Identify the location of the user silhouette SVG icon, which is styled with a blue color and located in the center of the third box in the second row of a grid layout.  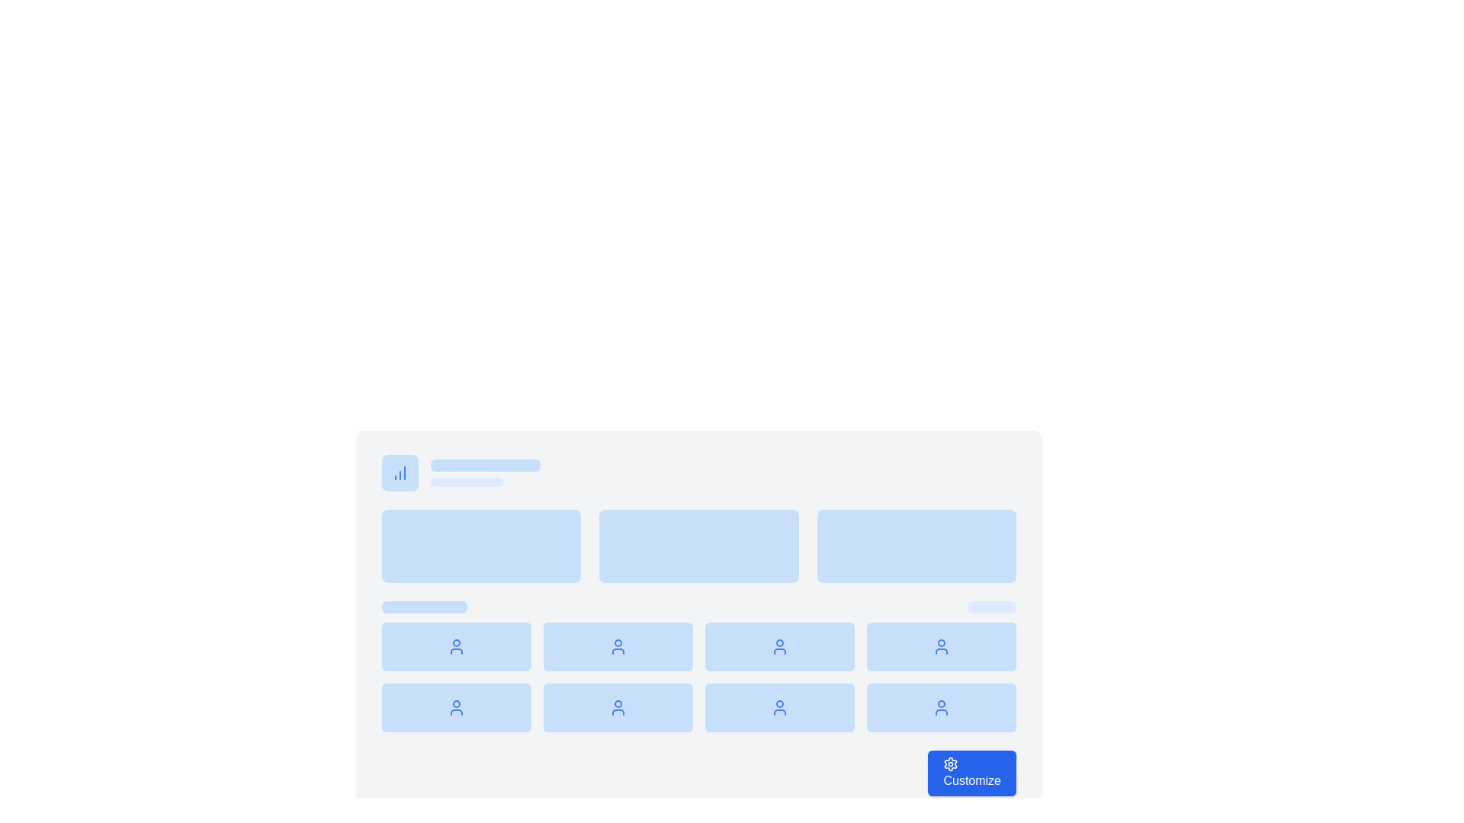
(779, 646).